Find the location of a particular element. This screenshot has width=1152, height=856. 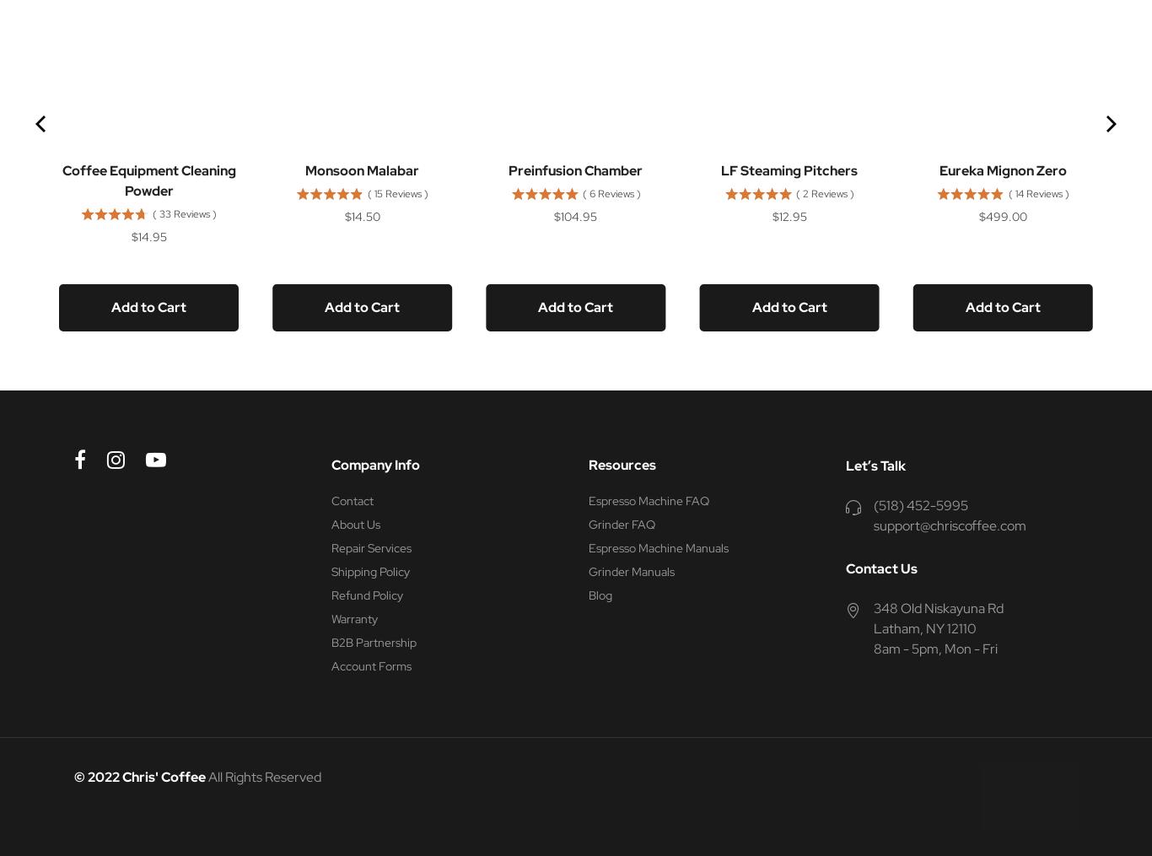

'Latham, NY 12110' is located at coordinates (924, 627).